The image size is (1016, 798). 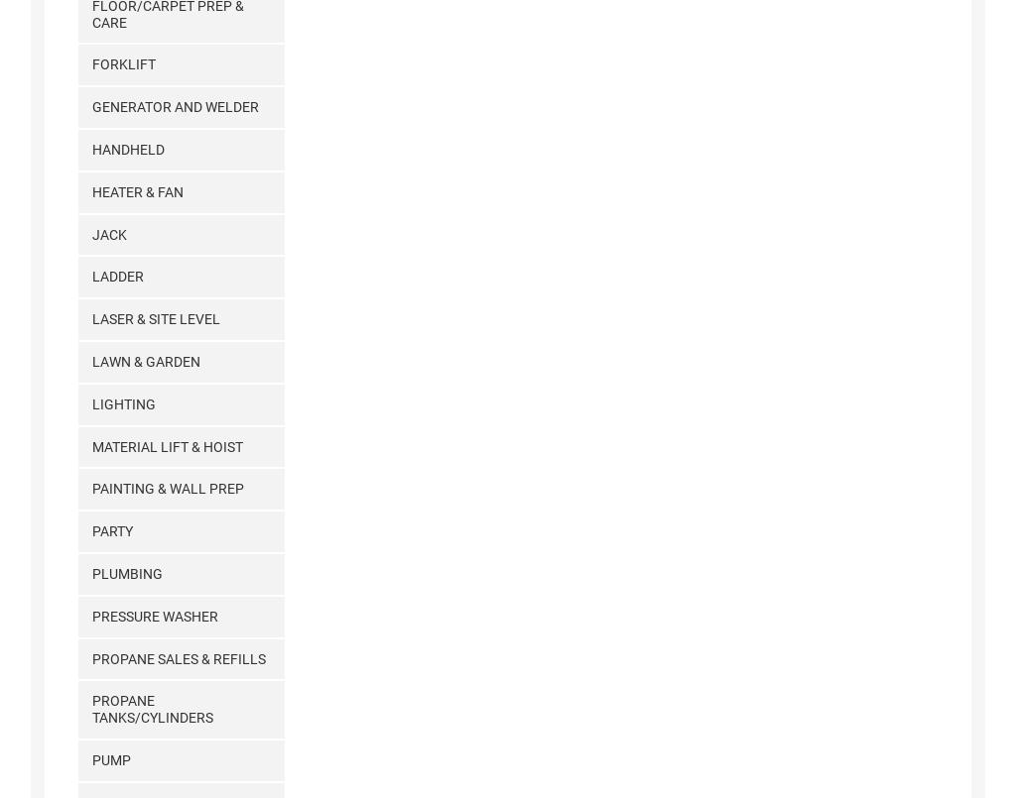 What do you see at coordinates (144, 361) in the screenshot?
I see `'Lawn & Garden'` at bounding box center [144, 361].